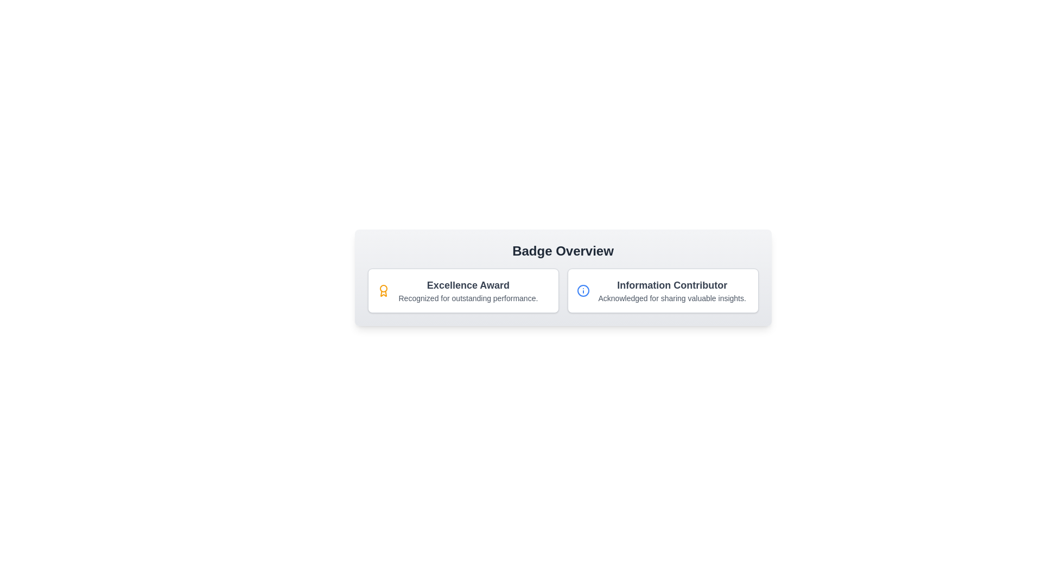  I want to click on text saying 'Recognized for outstanding performance.' located below the 'Excellence Award' title in the badge card, so click(468, 298).